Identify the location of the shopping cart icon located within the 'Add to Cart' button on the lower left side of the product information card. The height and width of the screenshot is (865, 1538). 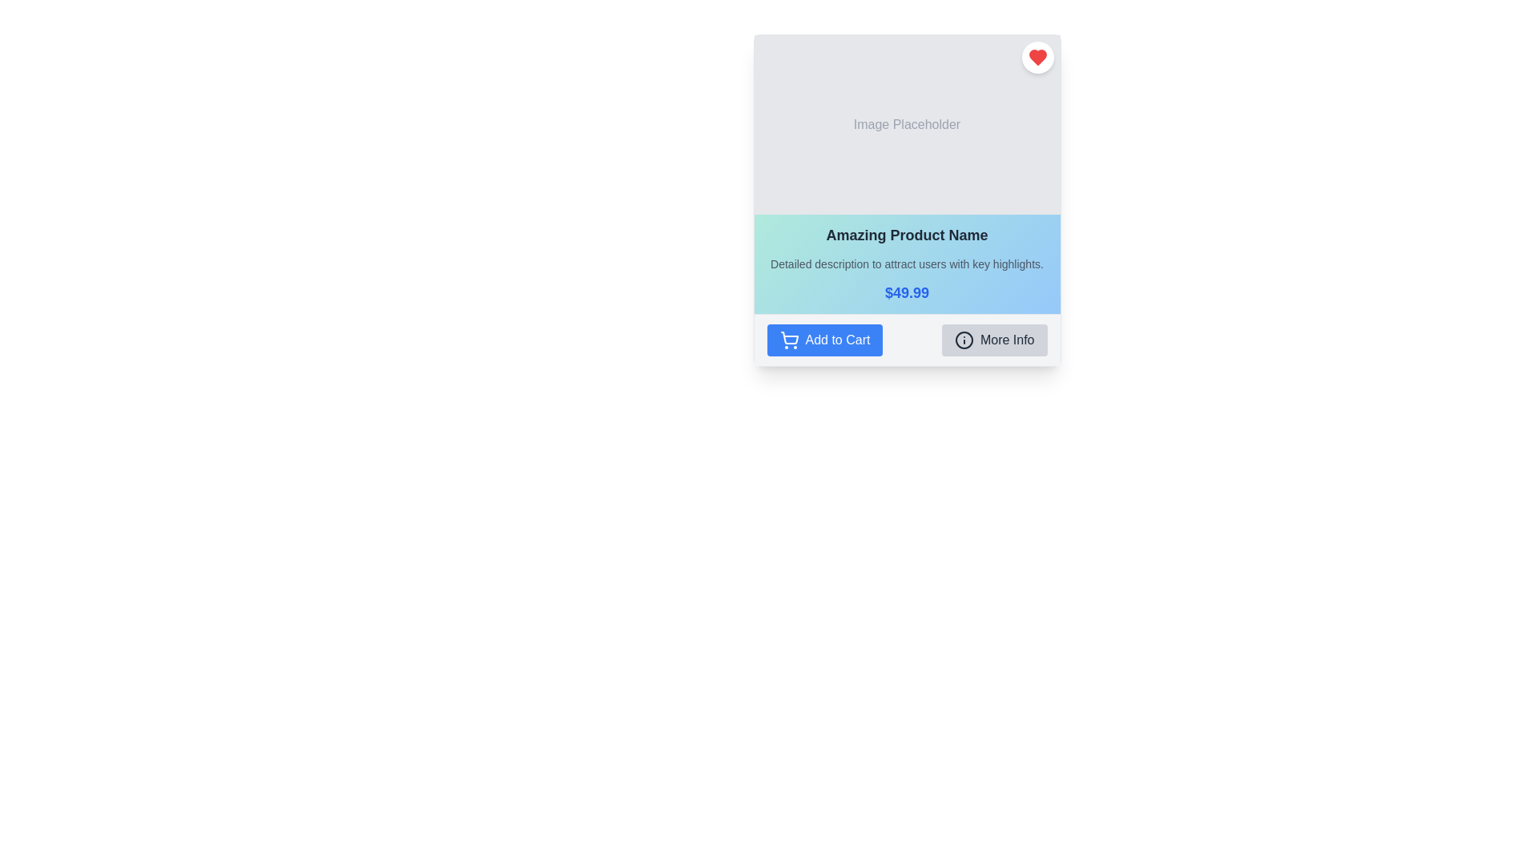
(789, 339).